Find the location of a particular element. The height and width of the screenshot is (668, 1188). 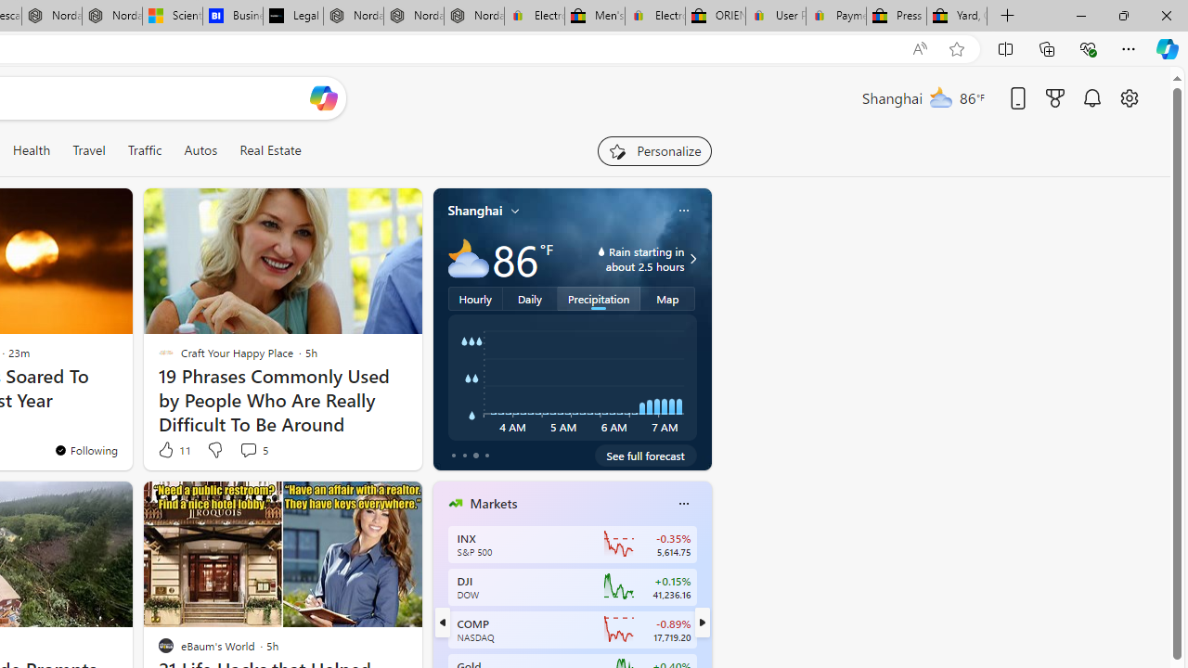

'View comments 5 Comment' is located at coordinates (247, 450).